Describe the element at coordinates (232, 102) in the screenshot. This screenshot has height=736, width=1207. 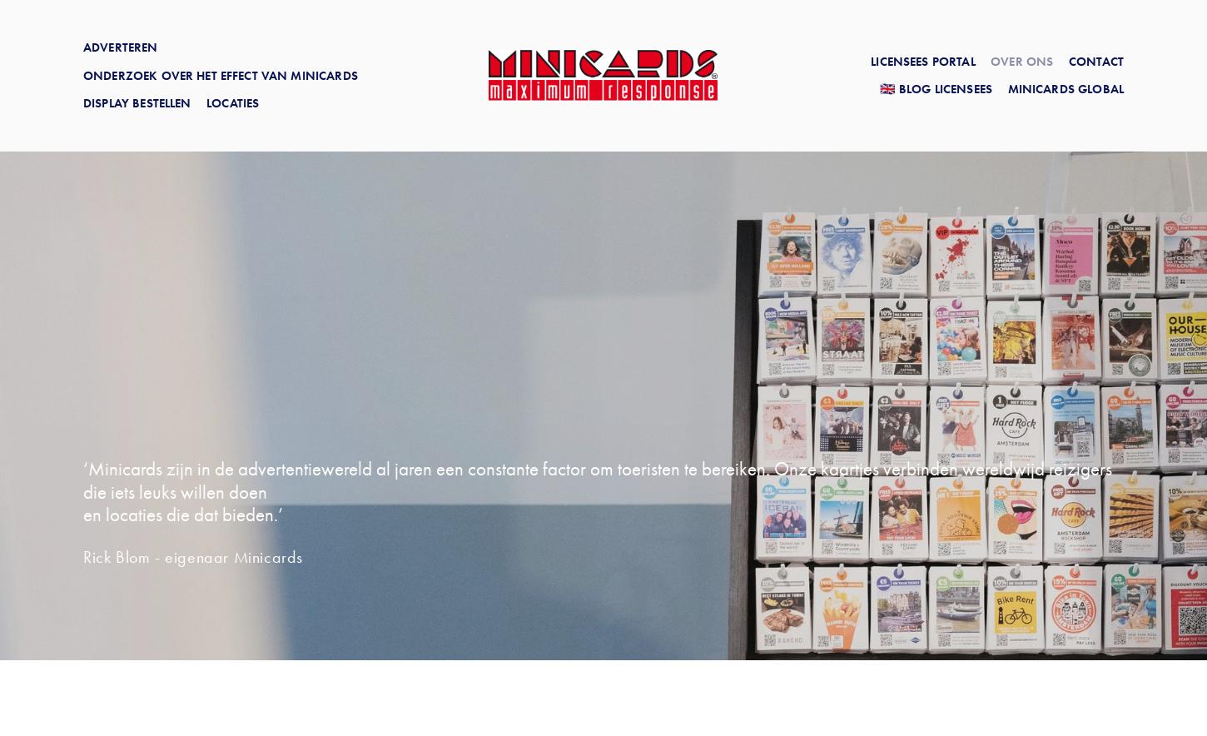
I see `'Locaties'` at that location.